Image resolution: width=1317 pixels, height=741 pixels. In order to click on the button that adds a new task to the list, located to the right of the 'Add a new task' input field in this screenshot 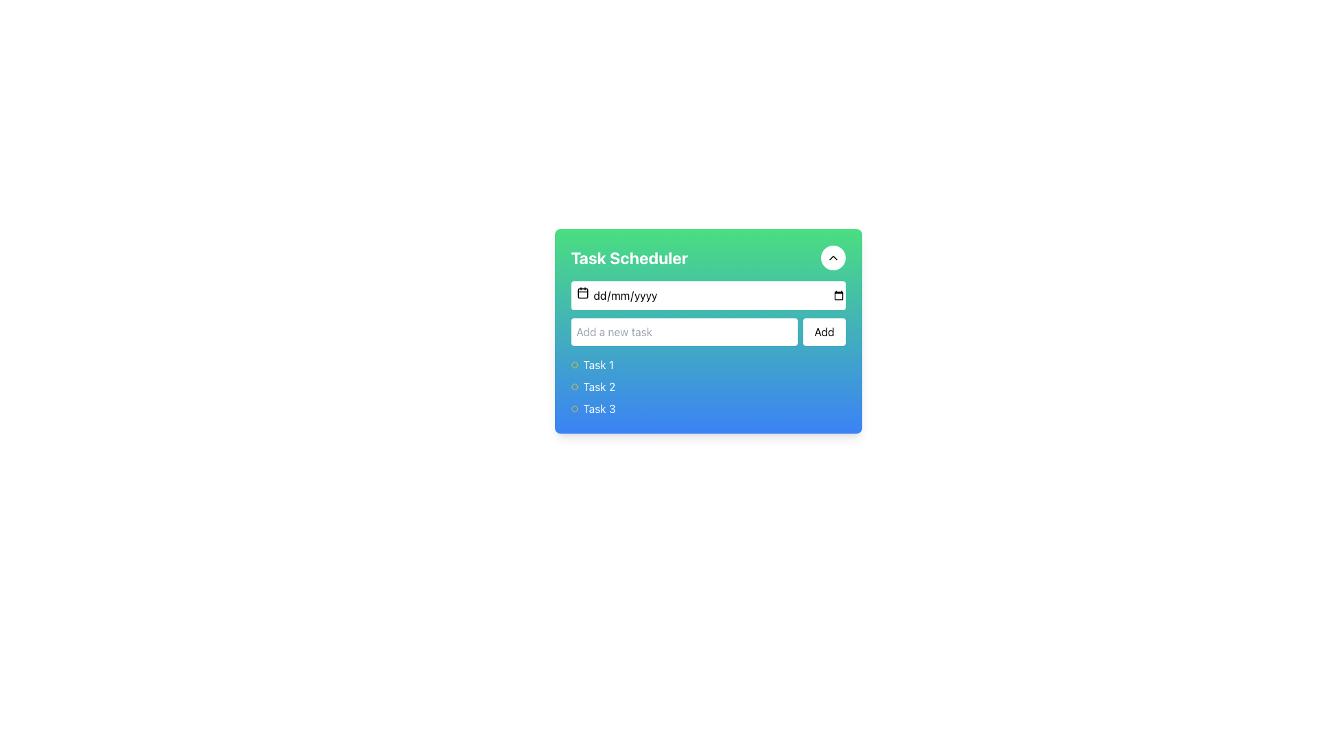, I will do `click(823, 331)`.